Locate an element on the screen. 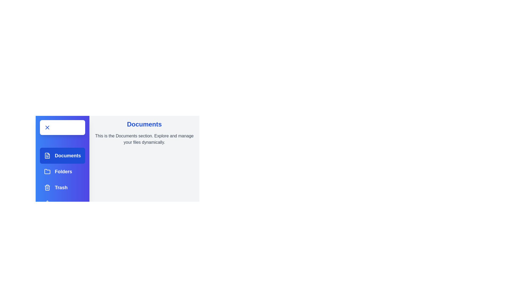 The height and width of the screenshot is (287, 511). the section Folders in the drawer is located at coordinates (63, 171).